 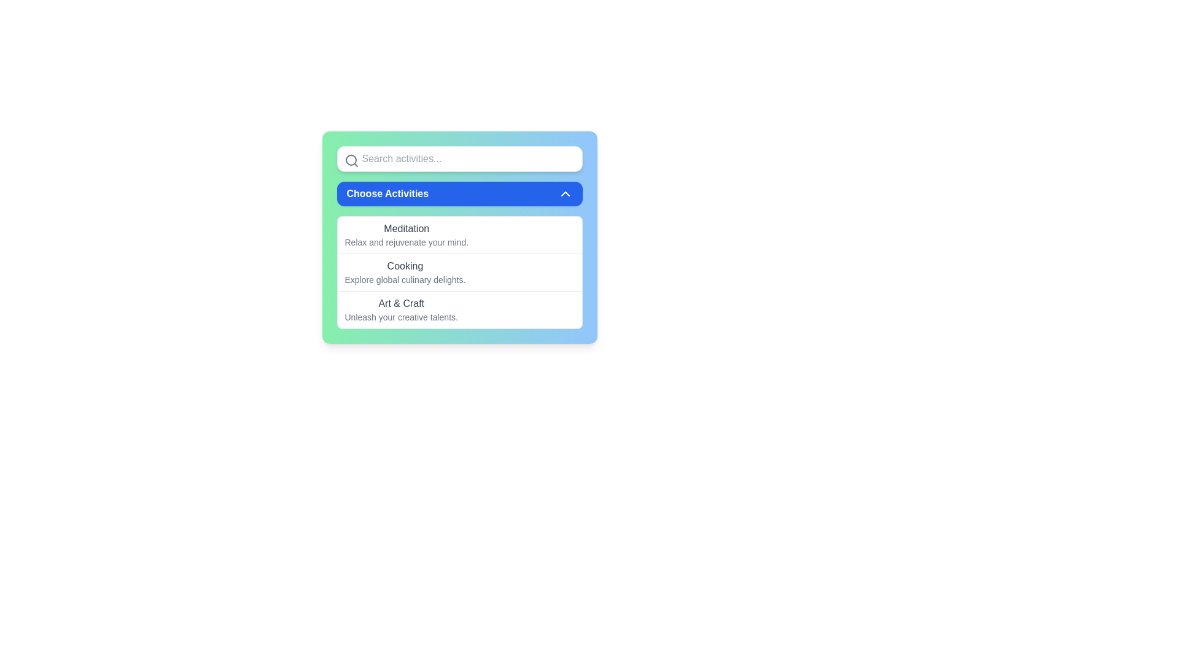 I want to click on the text label that serves as a header for the activity description, located above 'Relax and rejuvenate your mind.', so click(x=407, y=229).